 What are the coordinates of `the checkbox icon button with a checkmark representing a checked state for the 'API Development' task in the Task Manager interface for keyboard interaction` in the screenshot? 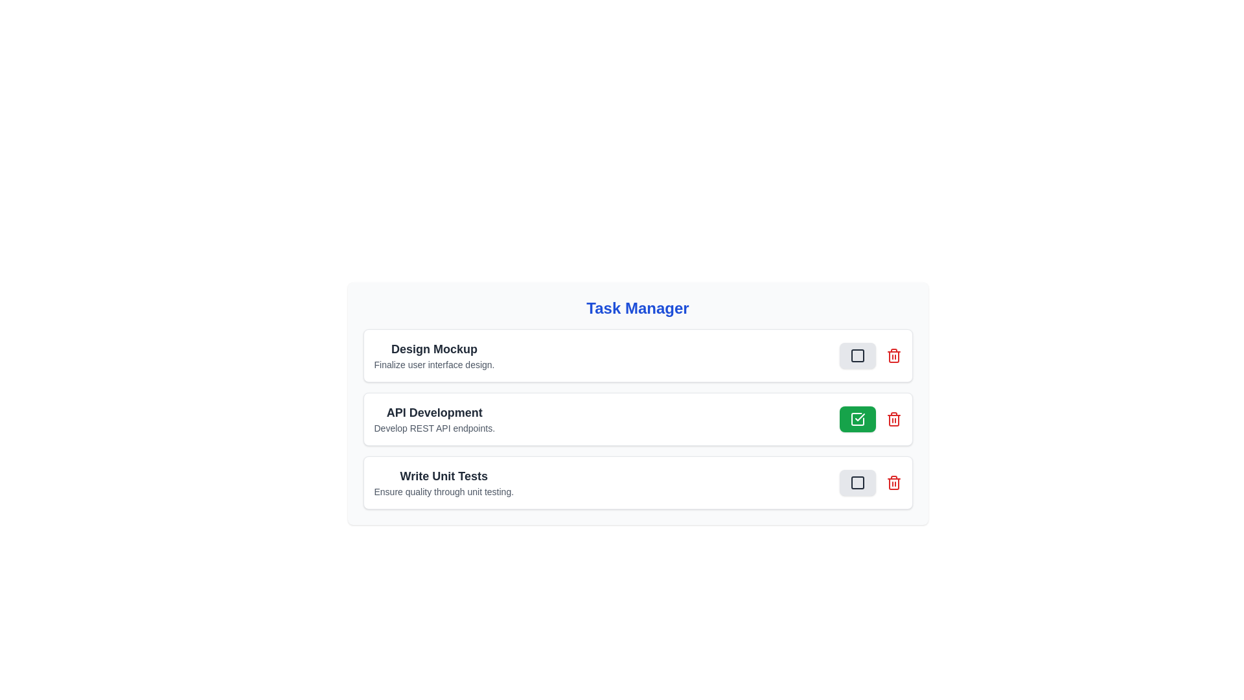 It's located at (857, 419).